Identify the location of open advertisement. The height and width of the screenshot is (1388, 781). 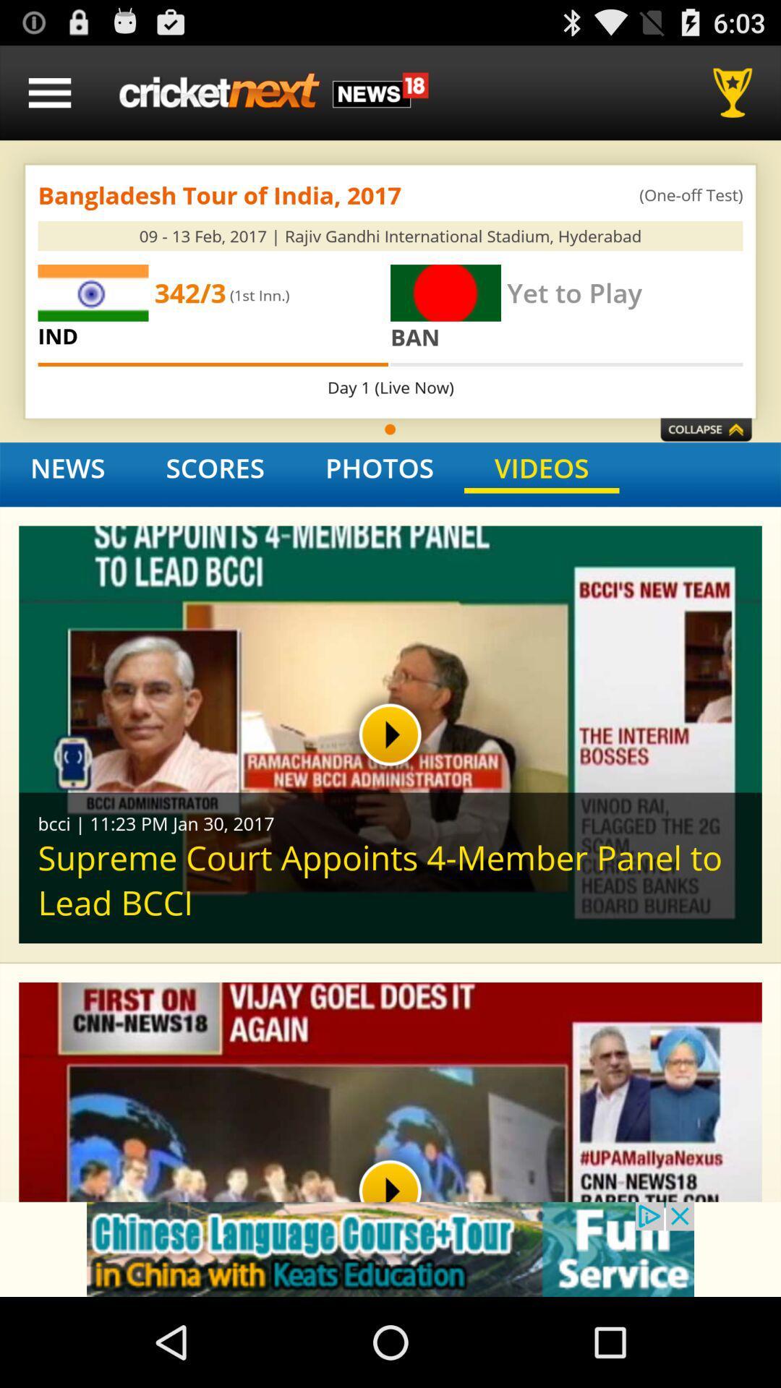
(390, 1248).